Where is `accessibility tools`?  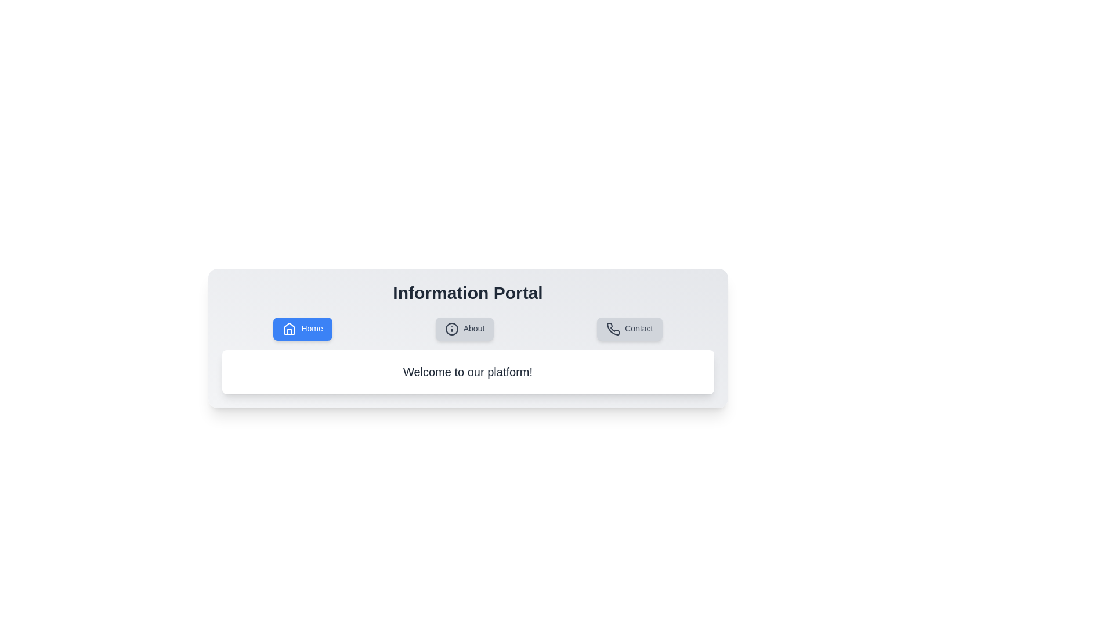 accessibility tools is located at coordinates (290, 329).